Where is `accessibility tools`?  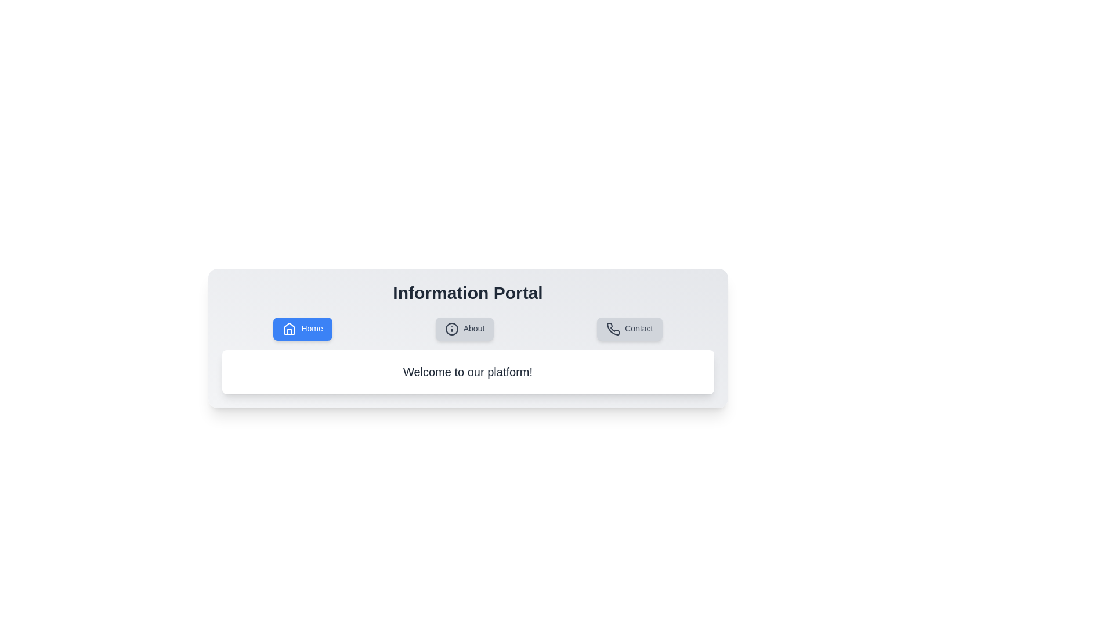 accessibility tools is located at coordinates (290, 329).